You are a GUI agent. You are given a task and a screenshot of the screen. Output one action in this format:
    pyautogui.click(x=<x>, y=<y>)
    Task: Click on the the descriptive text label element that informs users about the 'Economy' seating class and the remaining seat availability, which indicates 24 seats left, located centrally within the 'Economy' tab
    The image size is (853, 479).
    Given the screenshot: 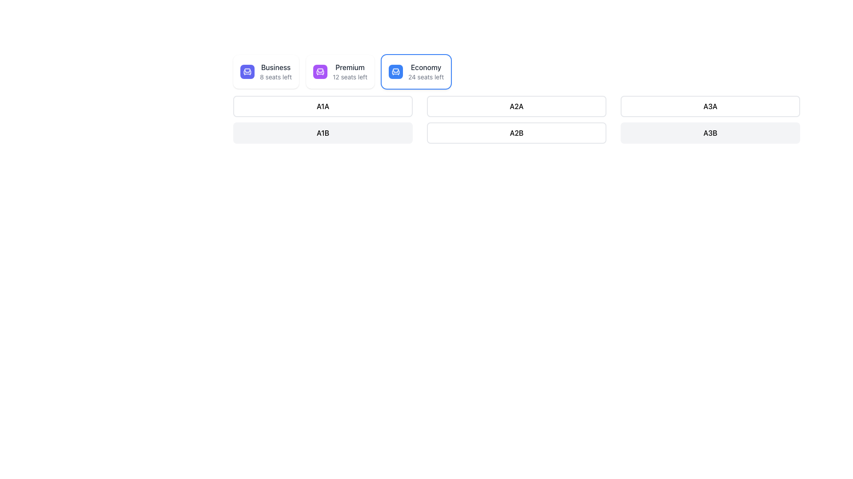 What is the action you would take?
    pyautogui.click(x=426, y=71)
    